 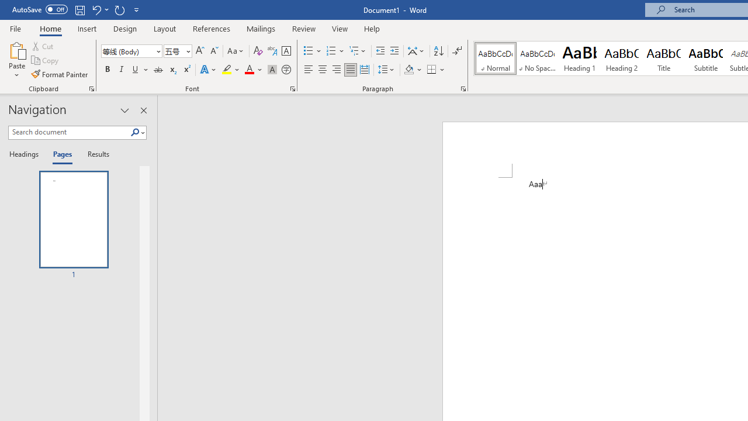 I want to click on 'Decrease Indent', so click(x=380, y=50).